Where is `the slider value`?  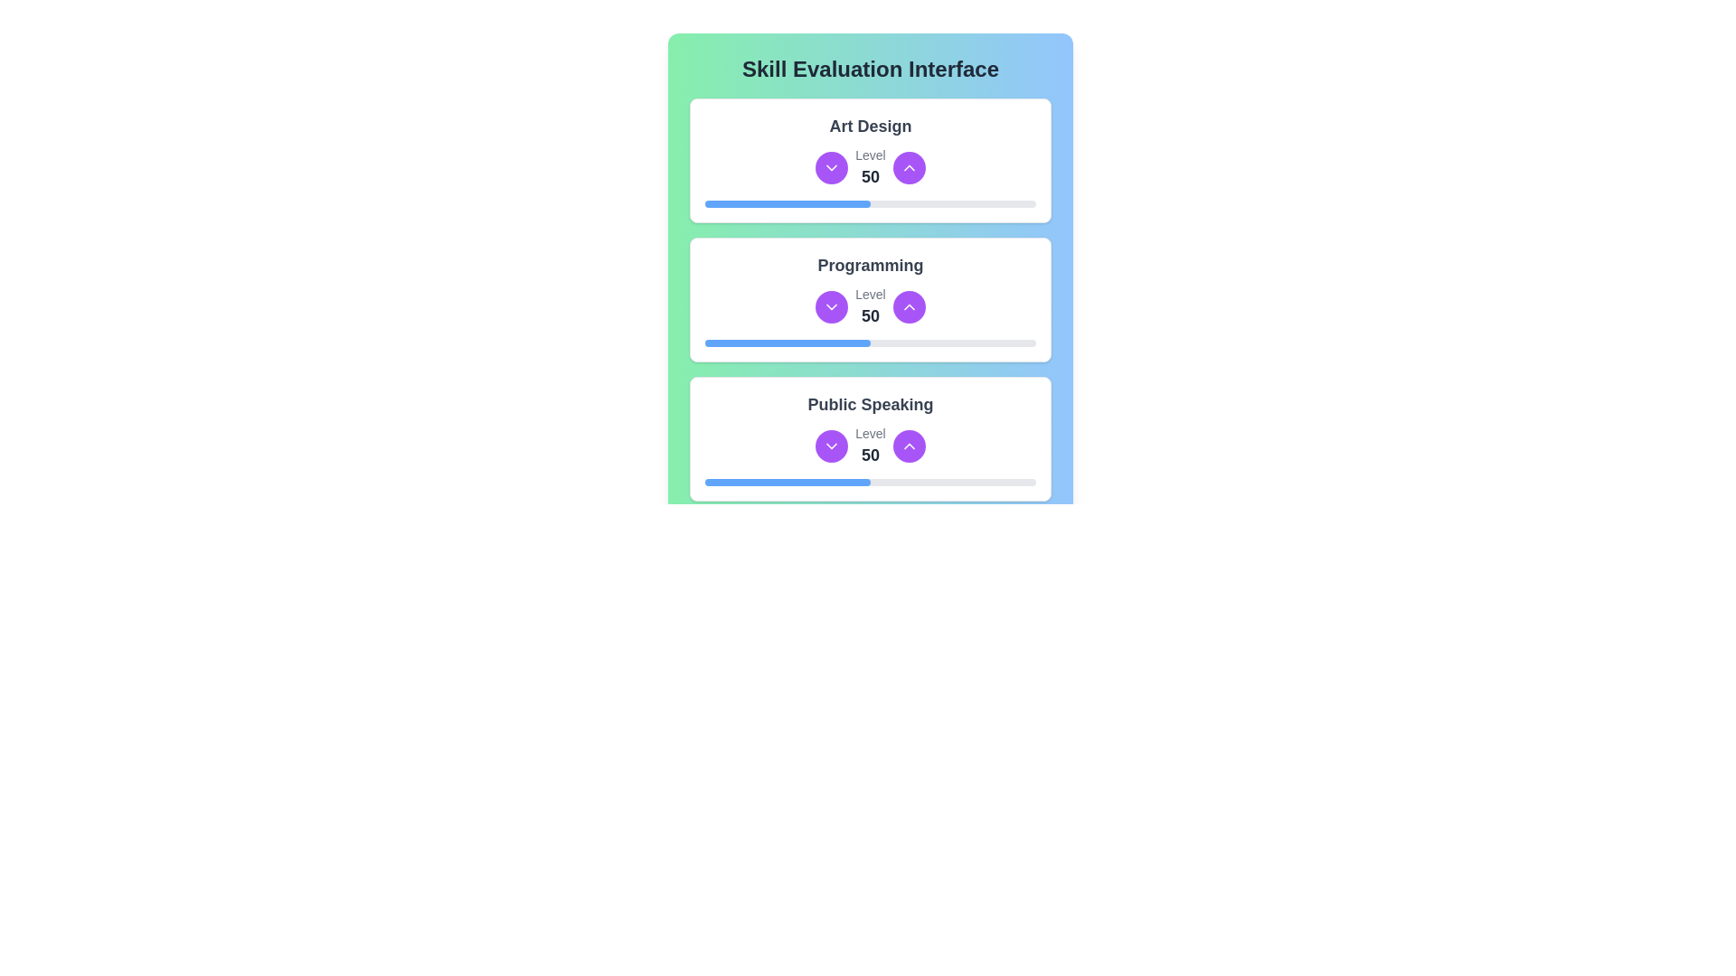
the slider value is located at coordinates (796, 481).